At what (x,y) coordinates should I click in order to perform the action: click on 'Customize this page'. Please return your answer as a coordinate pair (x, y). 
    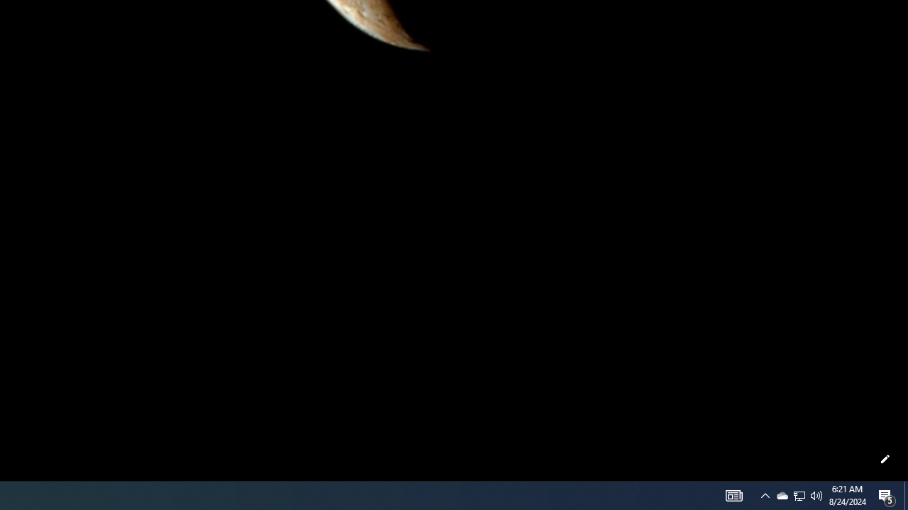
    Looking at the image, I should click on (885, 459).